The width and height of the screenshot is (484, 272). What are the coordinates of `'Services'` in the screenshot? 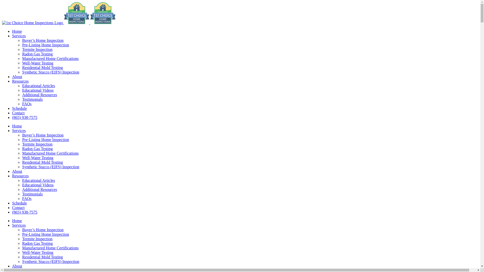 It's located at (19, 130).